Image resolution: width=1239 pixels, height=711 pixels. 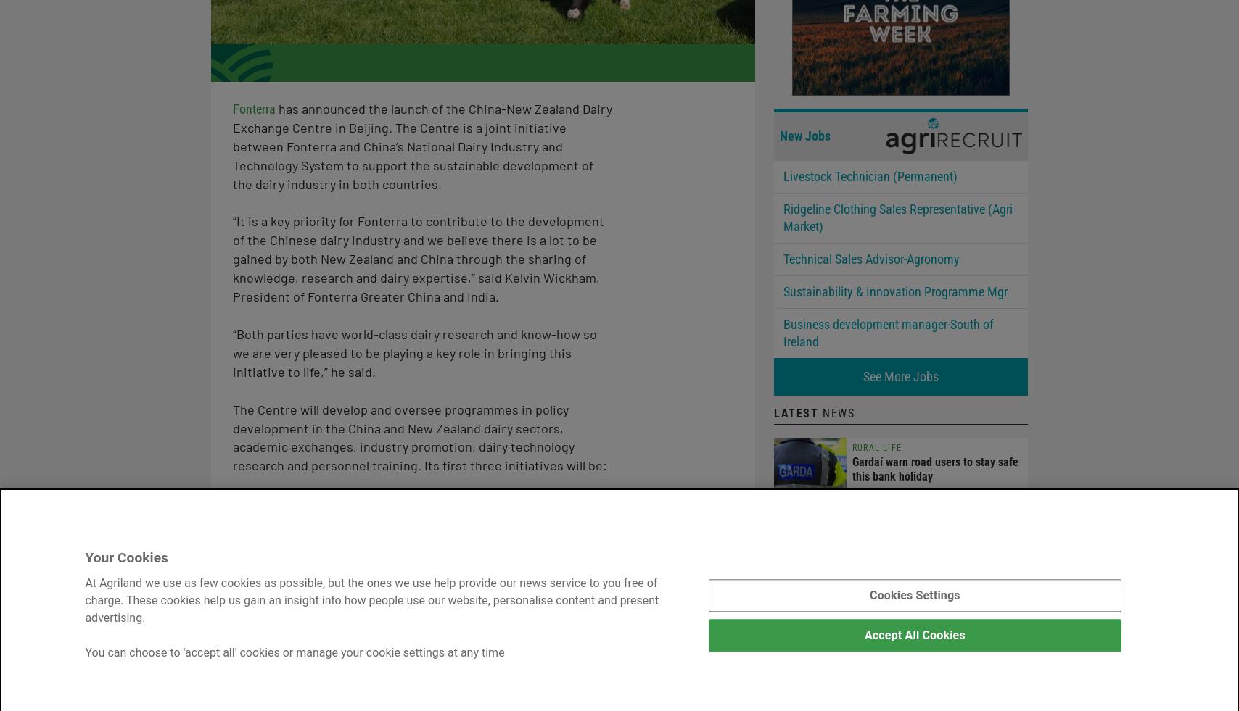 What do you see at coordinates (871, 257) in the screenshot?
I see `'Technical Sales Advisor-Agronomy'` at bounding box center [871, 257].